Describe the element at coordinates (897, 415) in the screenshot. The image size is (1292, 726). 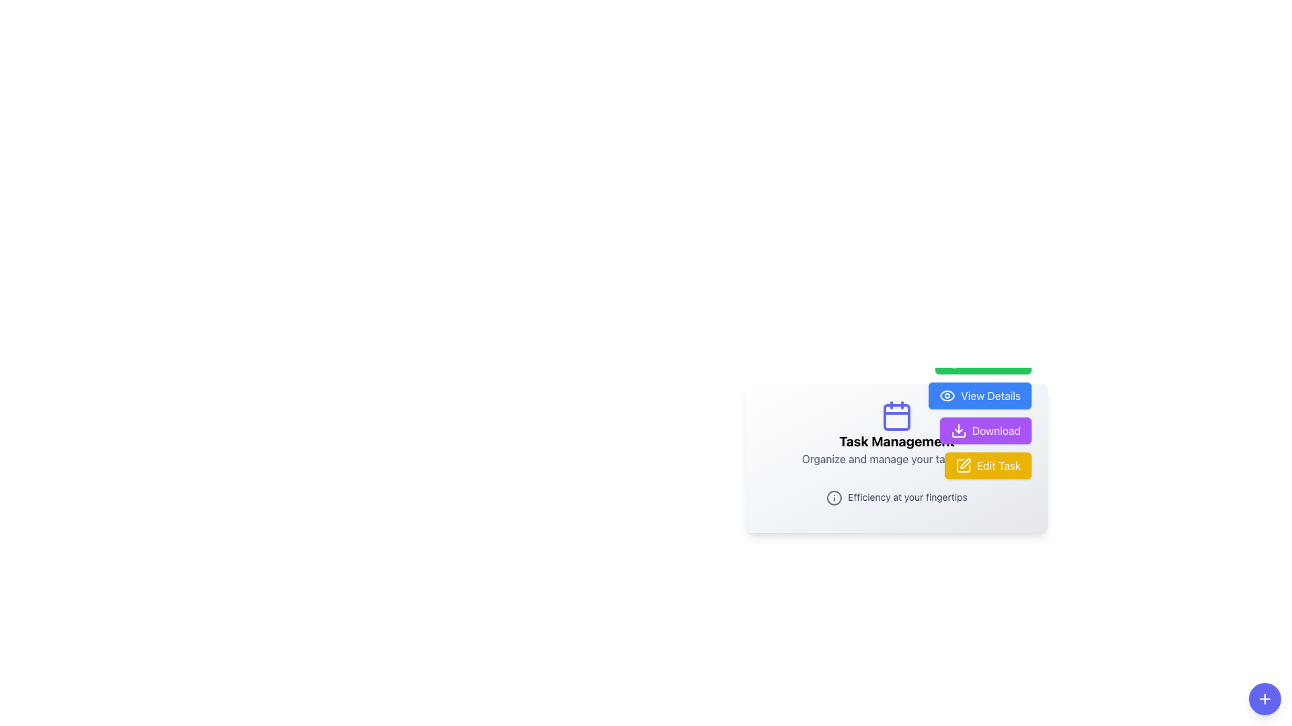
I see `the indigo calendar icon located above the 'Task Management' title` at that location.